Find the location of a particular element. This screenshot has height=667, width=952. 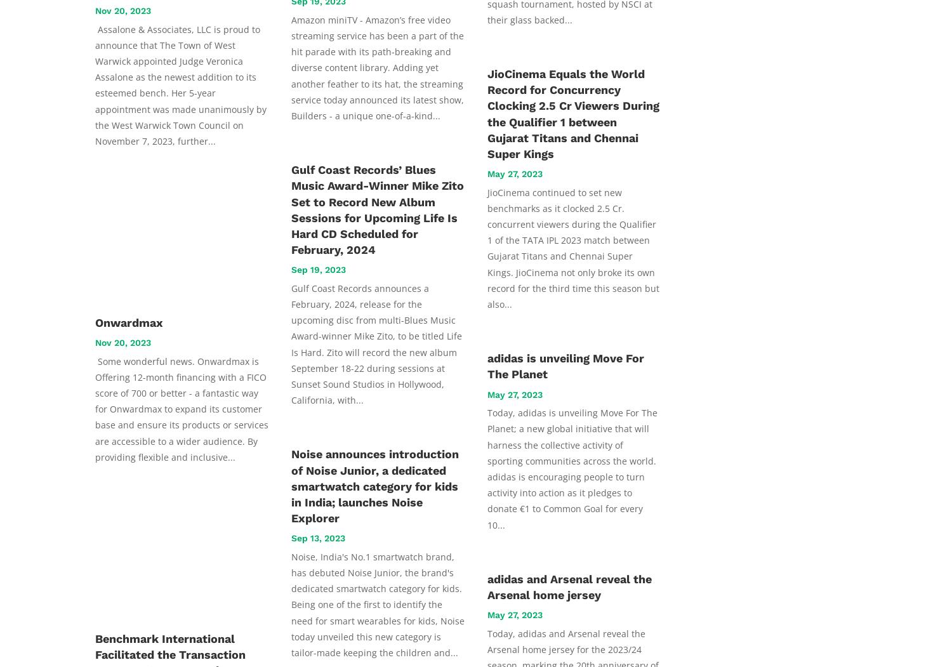

'Amazon miniTV - Amazon’s free video streaming service has been a part of the hit parade with its path-breaking and diverse content library. Adding yet another feather to its hat, the streaming service today announced its latest show, Builders - a unique one-of-a-kind...' is located at coordinates (291, 67).